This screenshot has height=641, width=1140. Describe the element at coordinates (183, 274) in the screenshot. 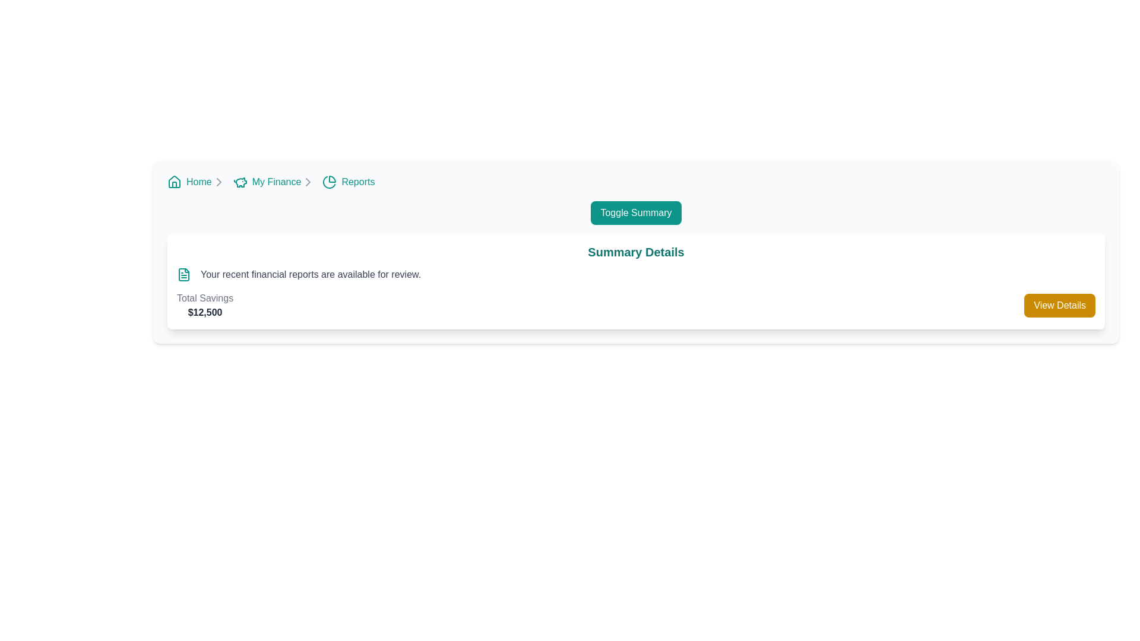

I see `the visual appearance of the teal-colored document icon located to the left of the sentence 'Your recent financial reports are available for review.'` at that location.